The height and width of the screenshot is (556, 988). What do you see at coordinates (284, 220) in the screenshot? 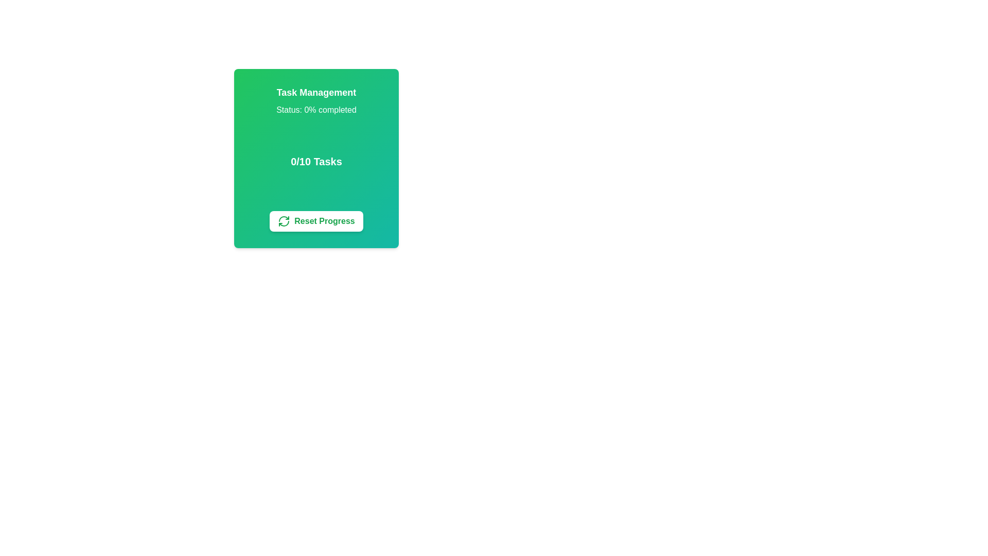
I see `the reset icon located at the top-left corner of the 'Reset Progress' button` at bounding box center [284, 220].